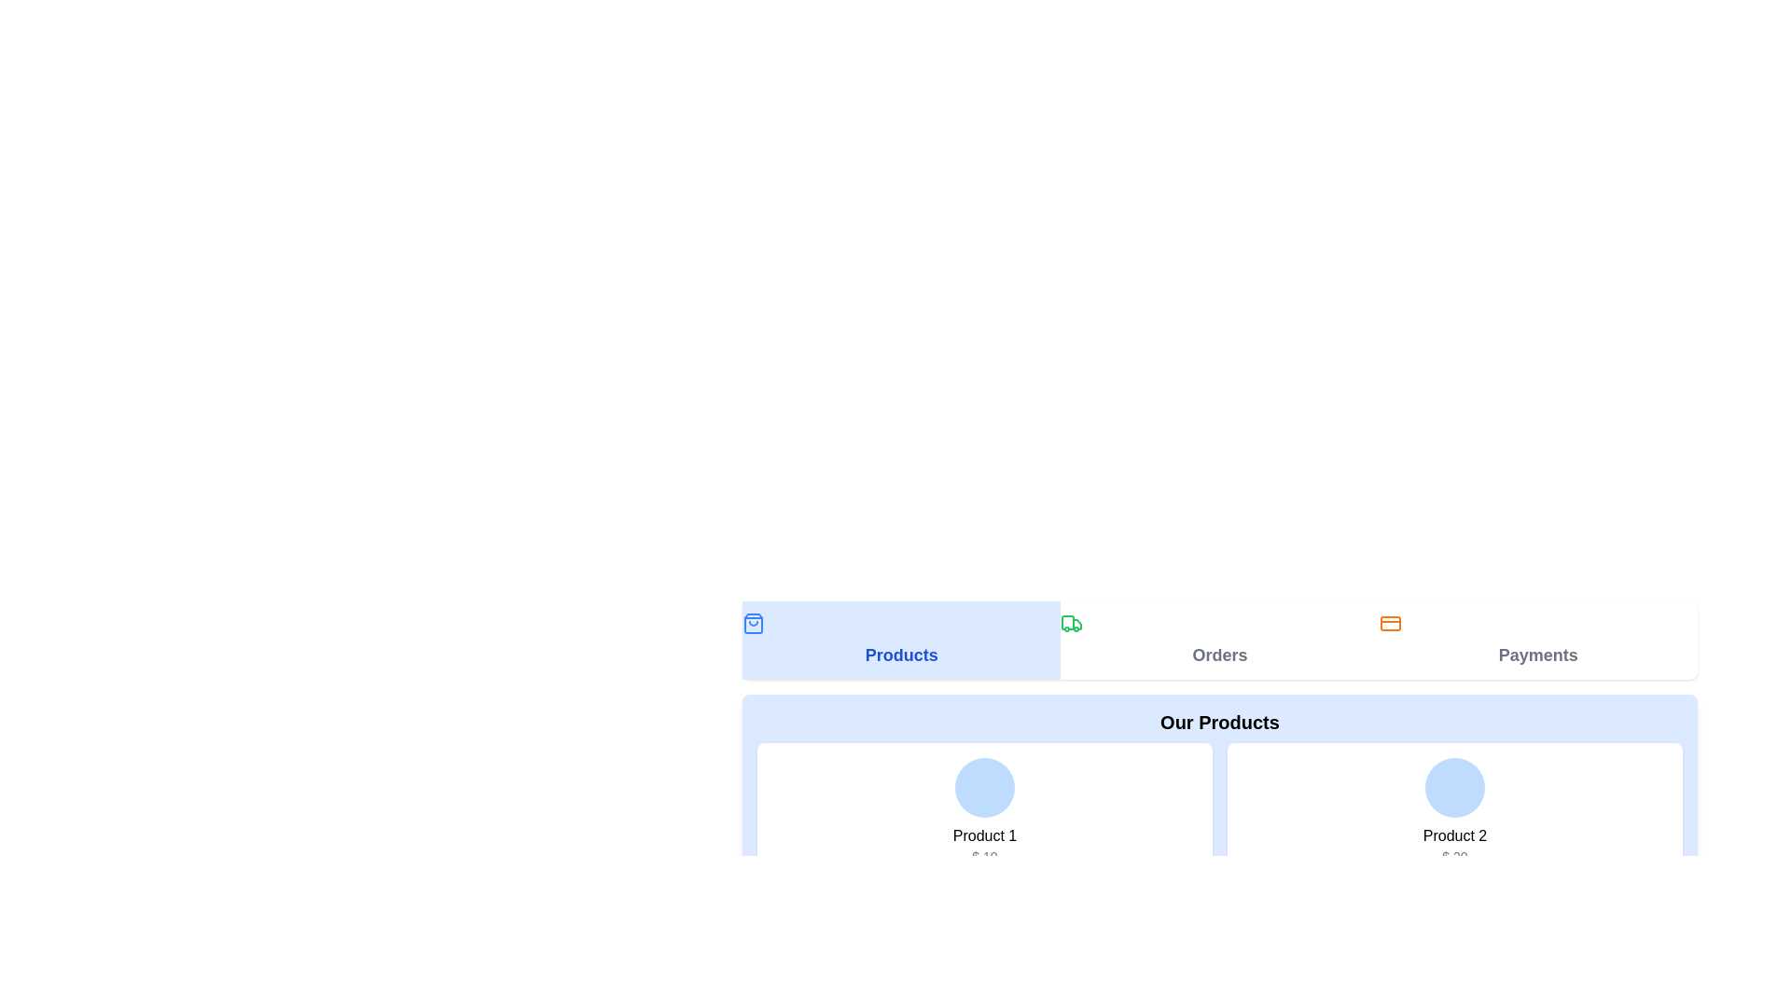 The width and height of the screenshot is (1791, 1007). Describe the element at coordinates (984, 856) in the screenshot. I see `the static text displaying the price of 'Product 1' located below the 'Product 1' label in the top left section of the product display row` at that location.